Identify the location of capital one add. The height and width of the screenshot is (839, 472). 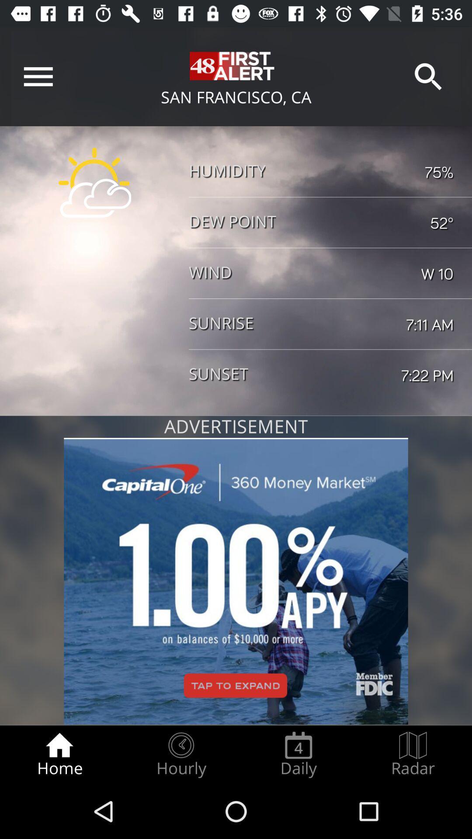
(236, 581).